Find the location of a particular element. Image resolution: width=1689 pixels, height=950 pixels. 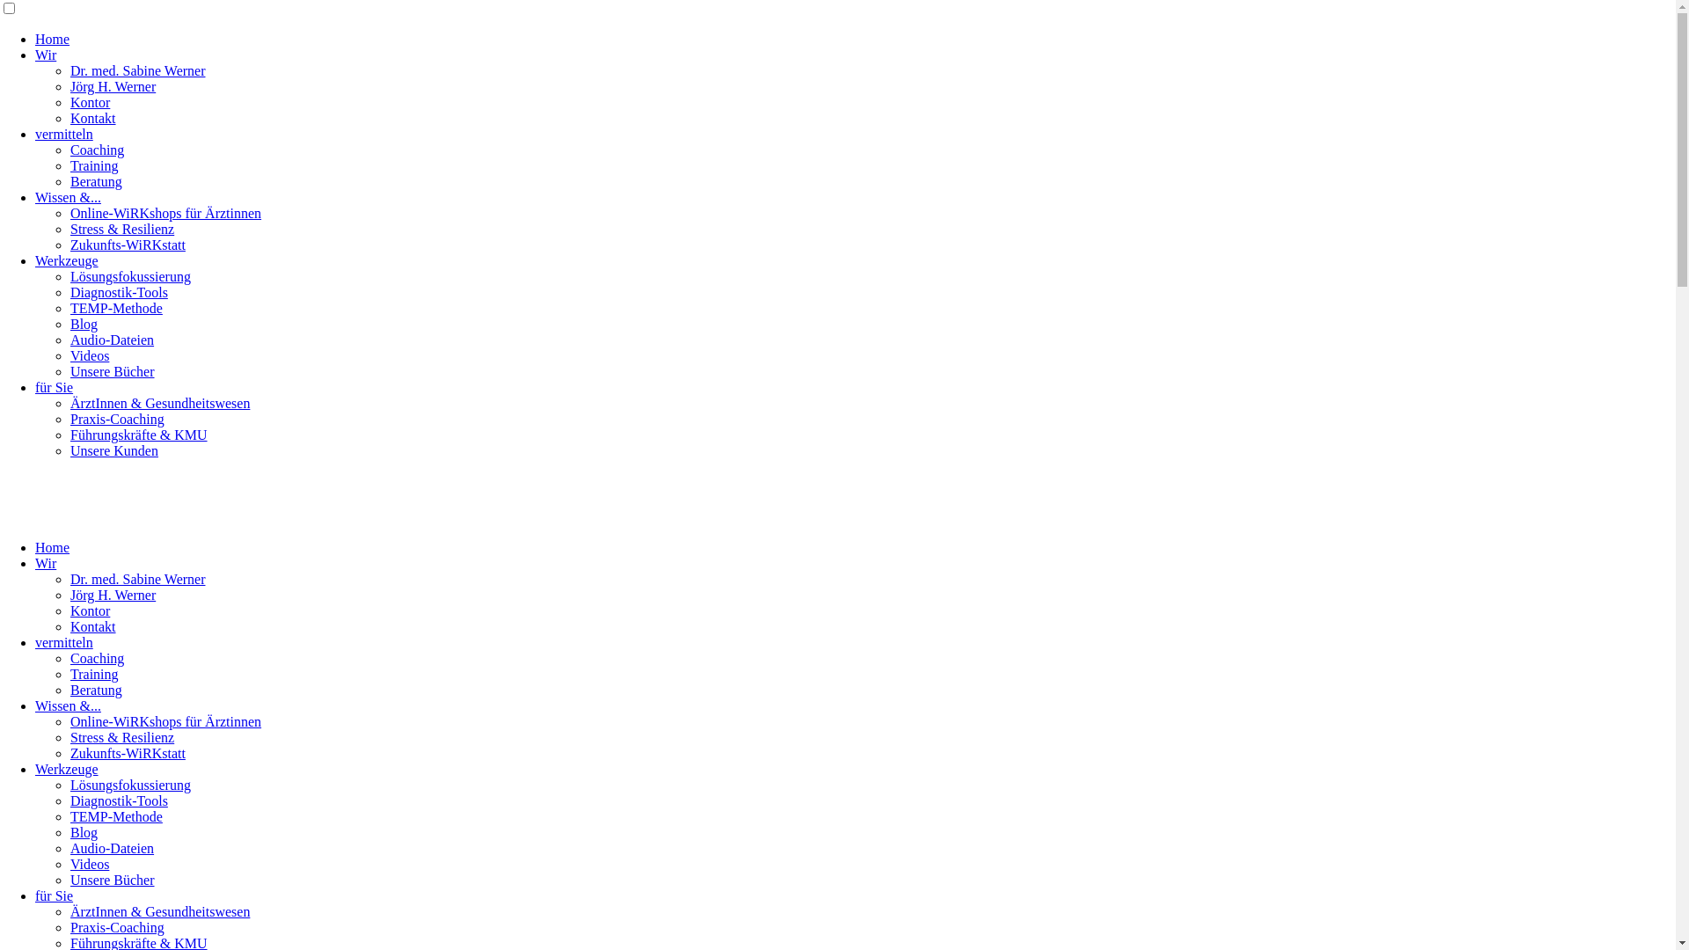

'Videos' is located at coordinates (70, 863).